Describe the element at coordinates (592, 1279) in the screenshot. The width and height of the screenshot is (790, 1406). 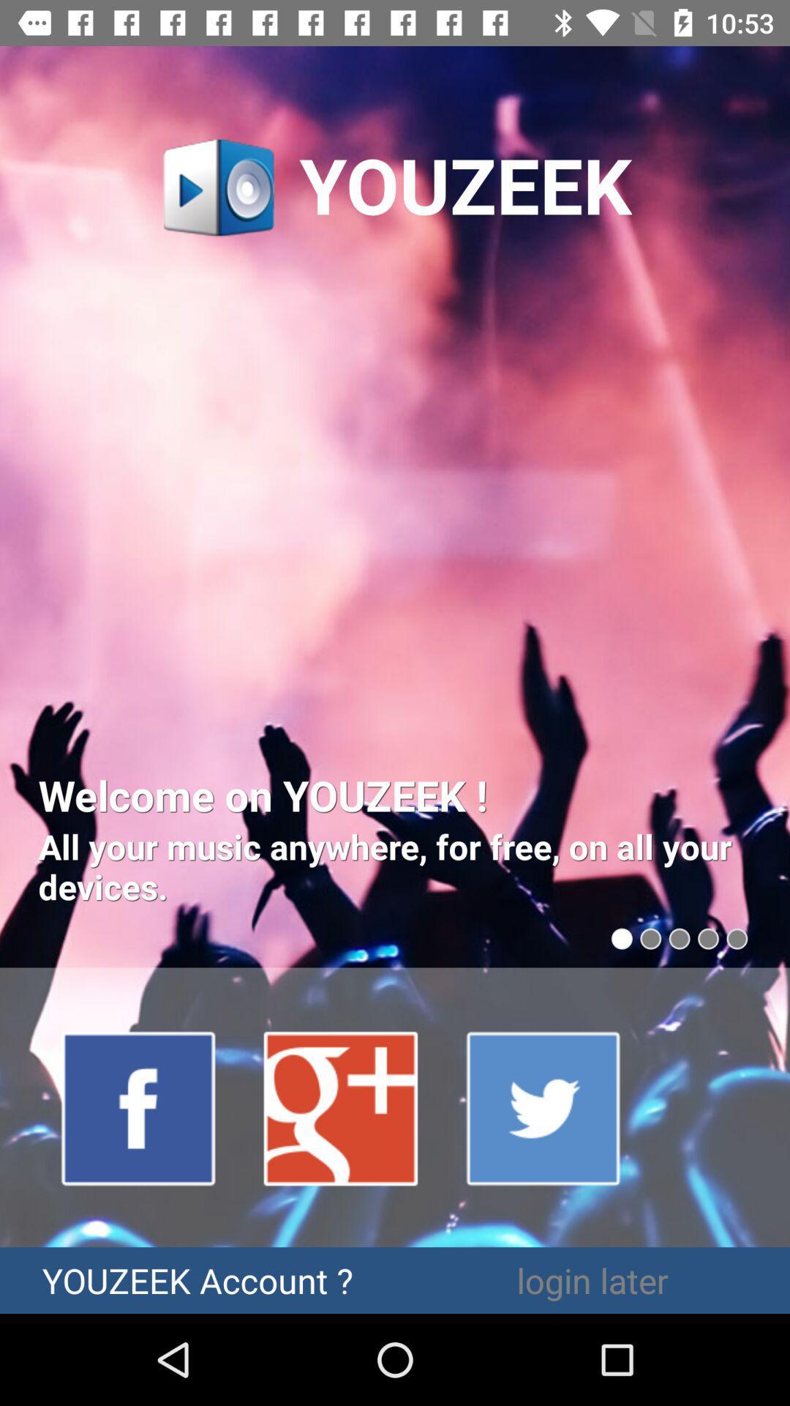
I see `the login later icon` at that location.